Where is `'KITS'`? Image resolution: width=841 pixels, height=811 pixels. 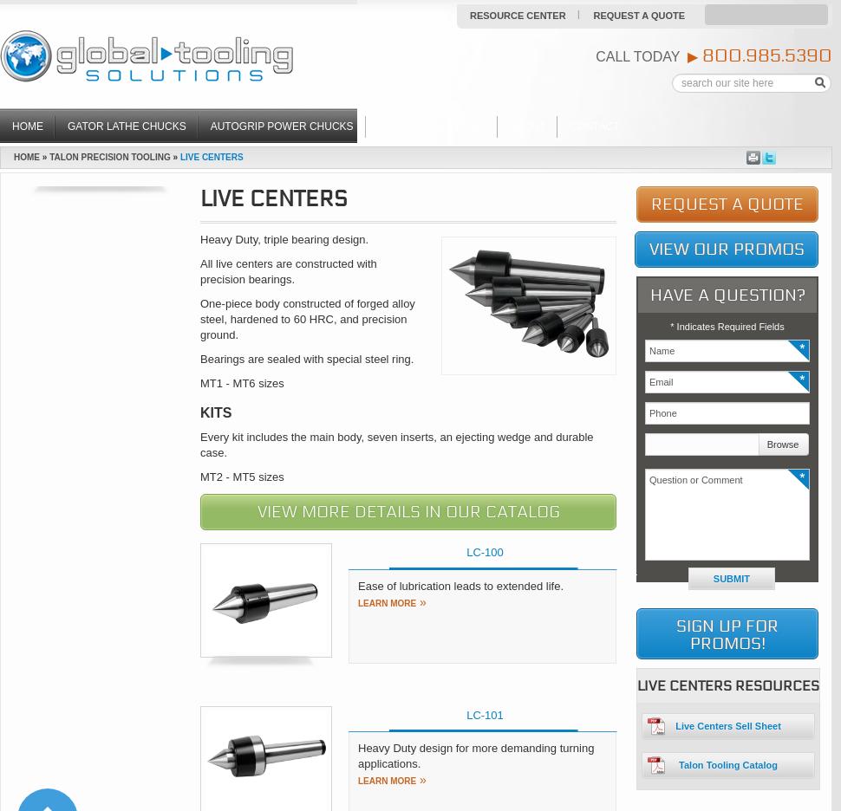
'KITS' is located at coordinates (214, 412).